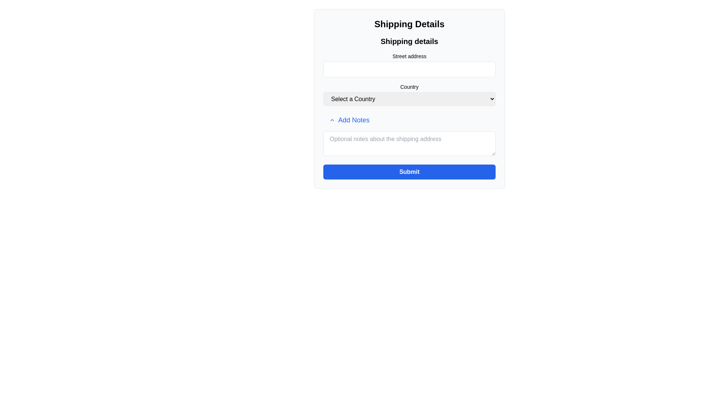 The image size is (716, 403). What do you see at coordinates (409, 135) in the screenshot?
I see `the label of the Collapsible input field section in the 'Add Notes' group within the 'Shipping Details' form` at bounding box center [409, 135].